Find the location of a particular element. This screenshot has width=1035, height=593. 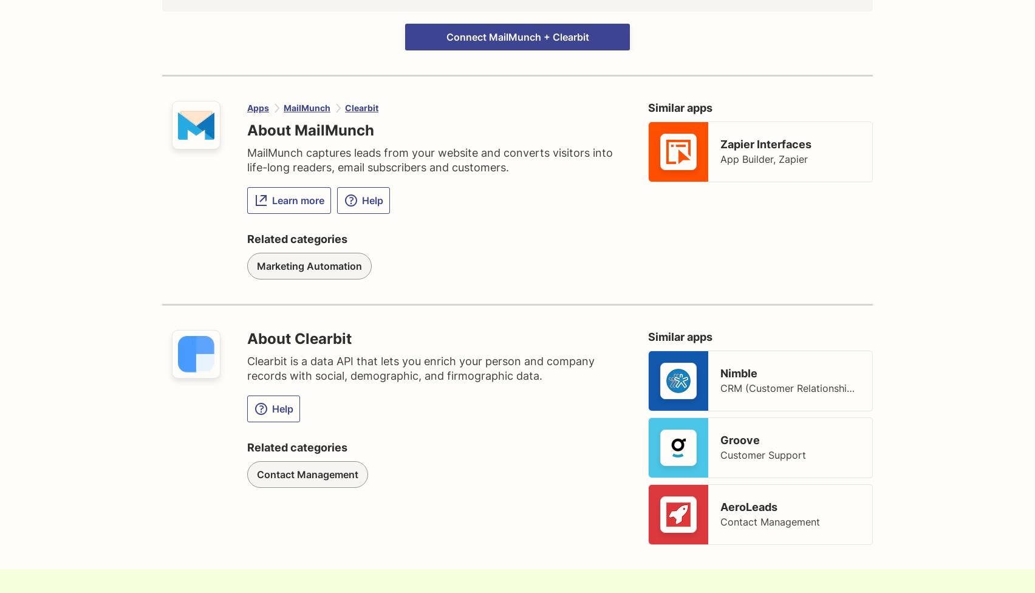

'Groove' is located at coordinates (739, 439).